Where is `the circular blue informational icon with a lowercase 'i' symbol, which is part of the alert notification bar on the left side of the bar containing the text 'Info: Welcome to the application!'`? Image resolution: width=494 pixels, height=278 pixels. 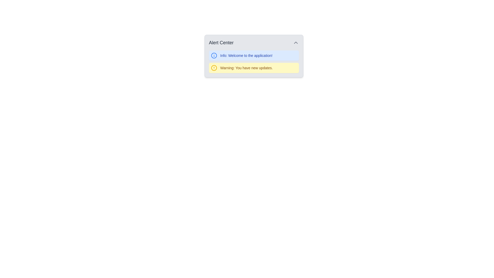 the circular blue informational icon with a lowercase 'i' symbol, which is part of the alert notification bar on the left side of the bar containing the text 'Info: Welcome to the application!' is located at coordinates (214, 56).